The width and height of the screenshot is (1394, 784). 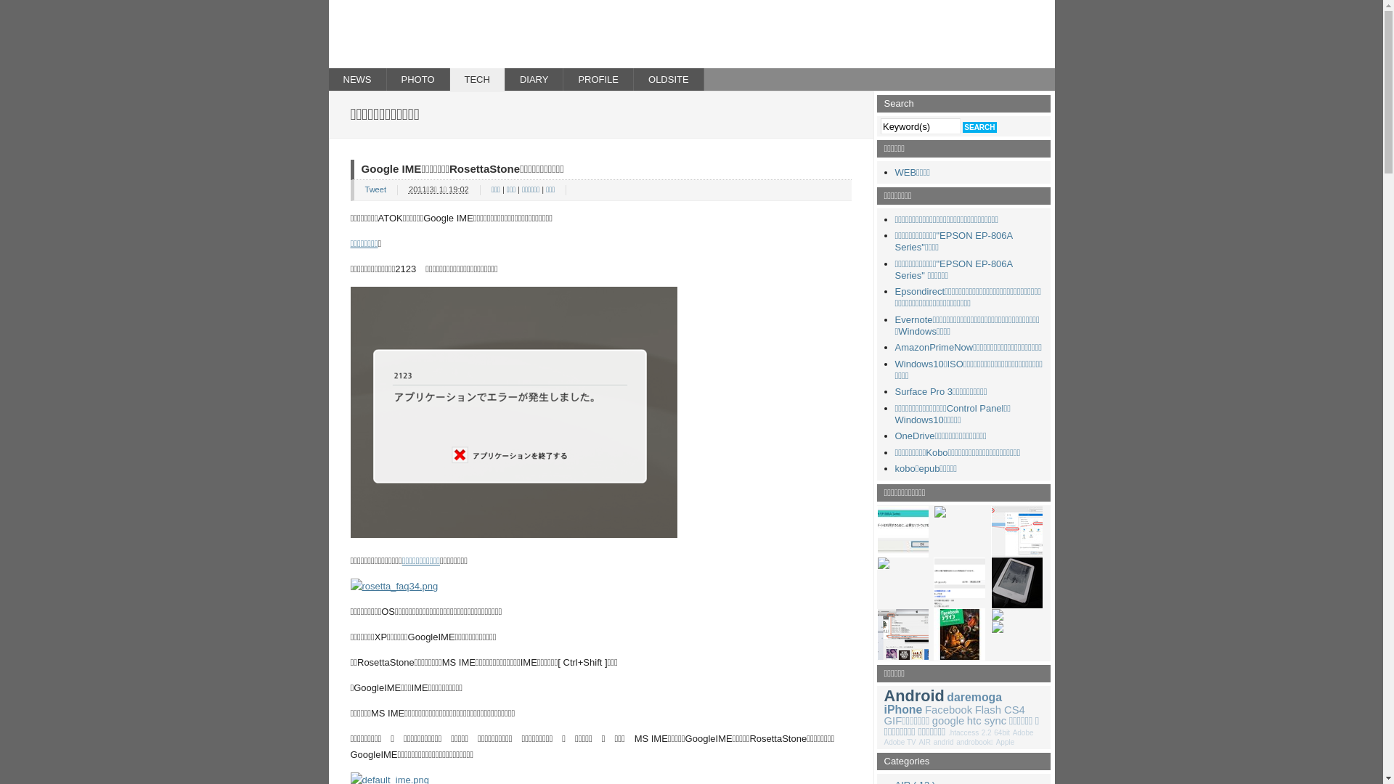 I want to click on 'Android', so click(x=913, y=695).